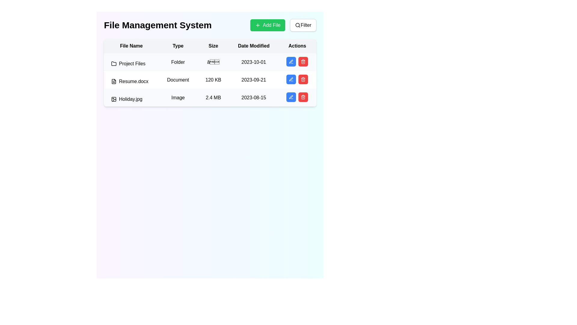  What do you see at coordinates (291, 79) in the screenshot?
I see `the blue button with a white pen icon in the 'Actions' column of the second row corresponding to 'Resume.docx'` at bounding box center [291, 79].